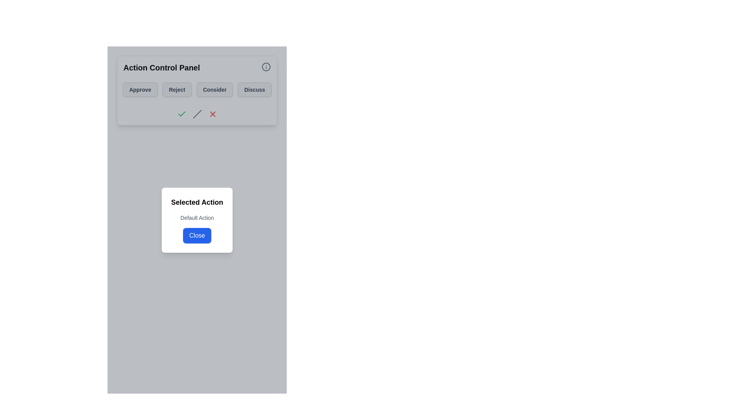 This screenshot has width=743, height=418. Describe the element at coordinates (197, 114) in the screenshot. I see `the second icon in the Action Control Panel, which signifies disabling or negating an action, located between the green checkmark and red cross icons` at that location.